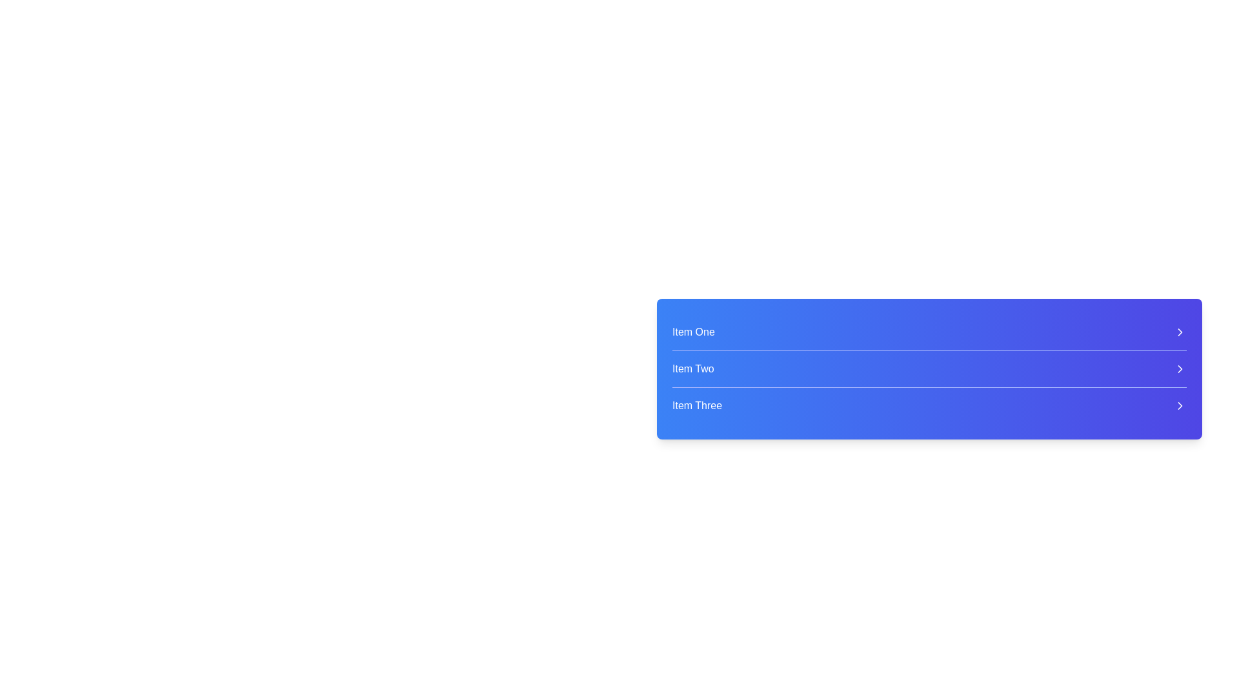 The height and width of the screenshot is (697, 1239). I want to click on the chevron icon for 'Item Three', so click(1180, 405).